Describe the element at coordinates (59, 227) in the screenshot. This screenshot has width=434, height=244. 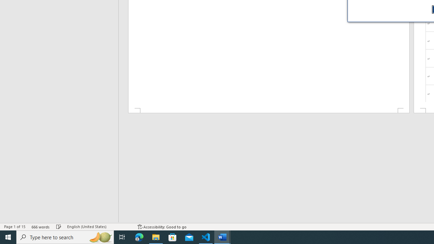
I see `'Spelling and Grammar Check Checking'` at that location.